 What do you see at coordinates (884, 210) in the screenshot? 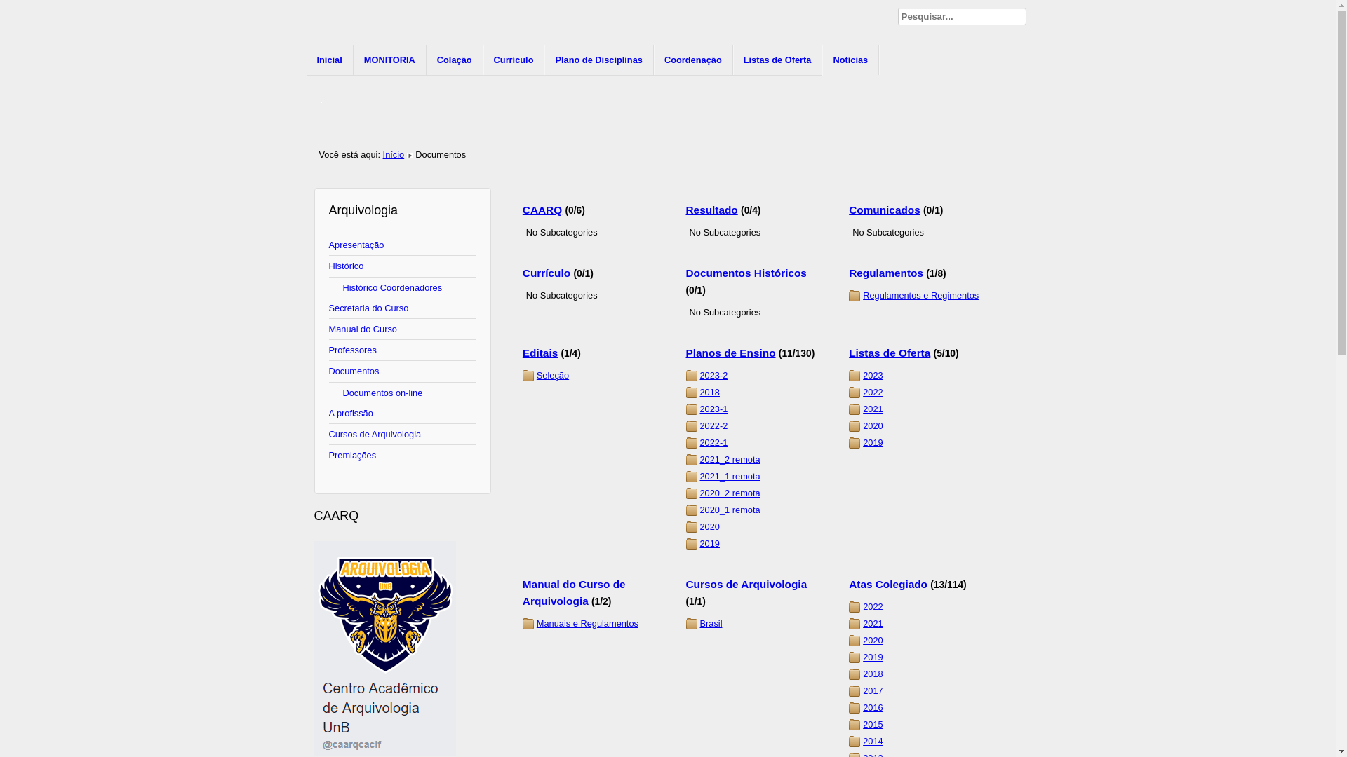
I see `'Comunicados'` at bounding box center [884, 210].